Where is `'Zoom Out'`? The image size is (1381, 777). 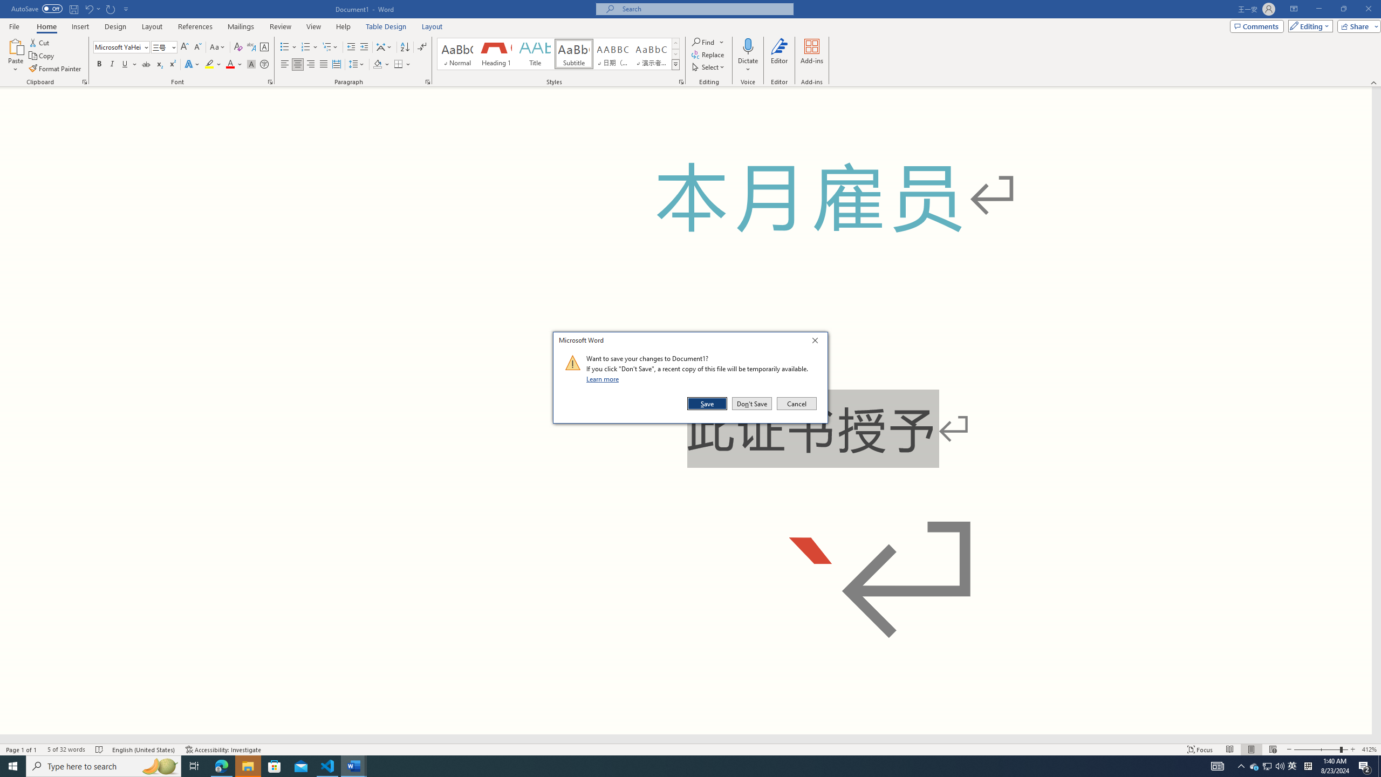 'Zoom Out' is located at coordinates (1316, 749).